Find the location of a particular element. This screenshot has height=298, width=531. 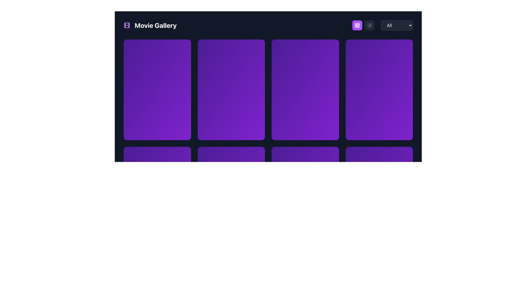

the rightmost dropdown menu in the top navigation bar is located at coordinates (397, 25).